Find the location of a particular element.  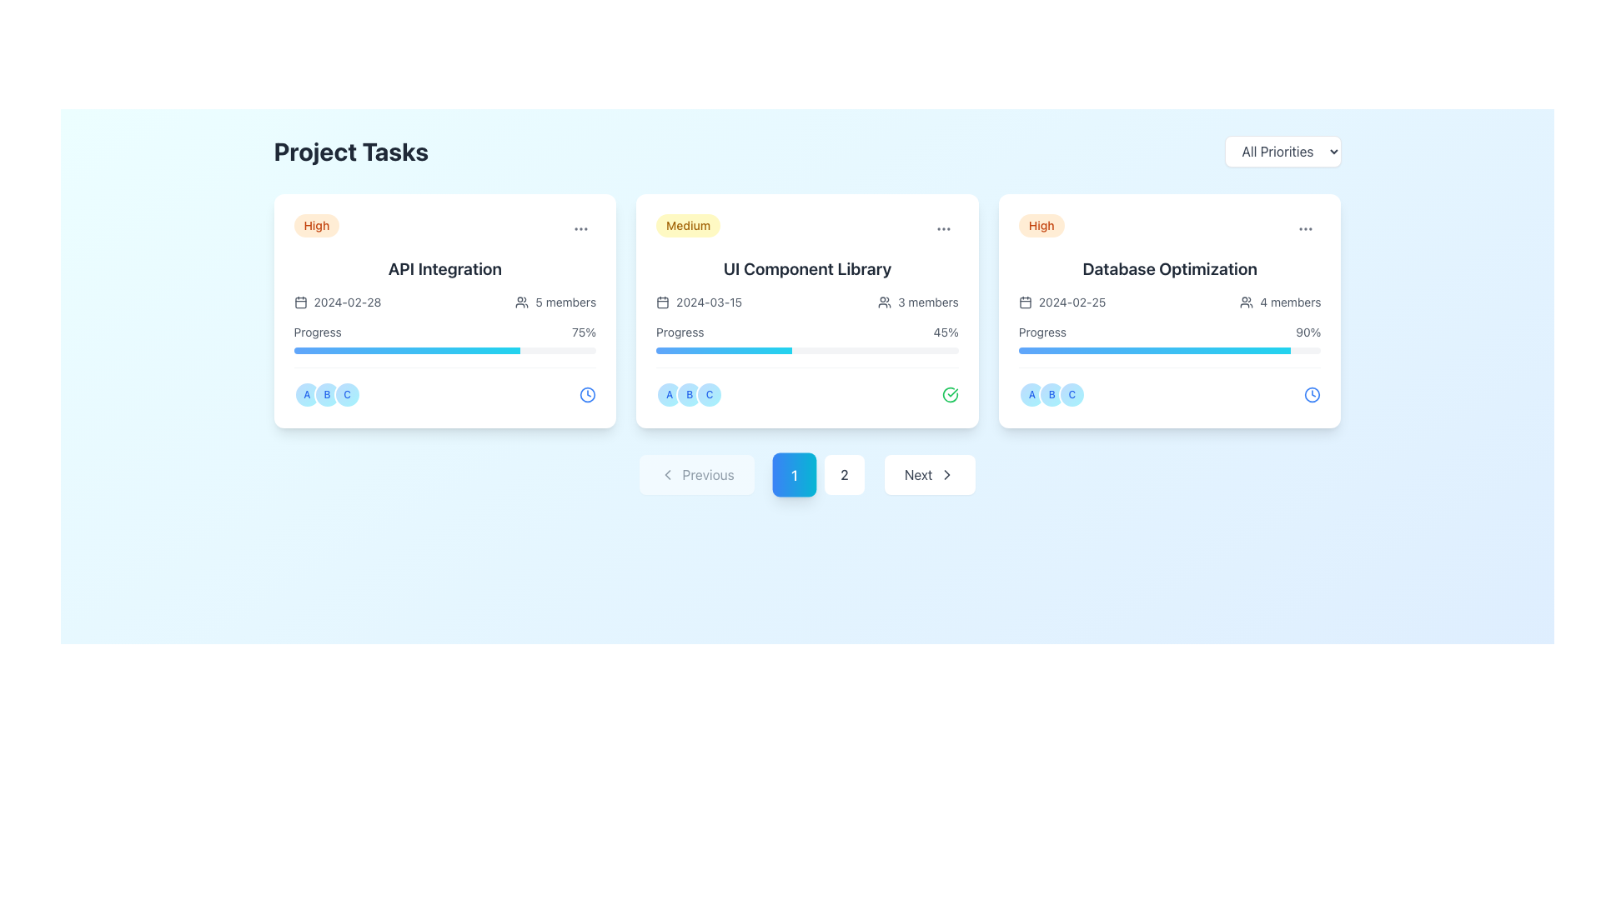

the progress bar segment that visually indicates a progression of 45% within the 'UI Component Library' card is located at coordinates (724, 349).